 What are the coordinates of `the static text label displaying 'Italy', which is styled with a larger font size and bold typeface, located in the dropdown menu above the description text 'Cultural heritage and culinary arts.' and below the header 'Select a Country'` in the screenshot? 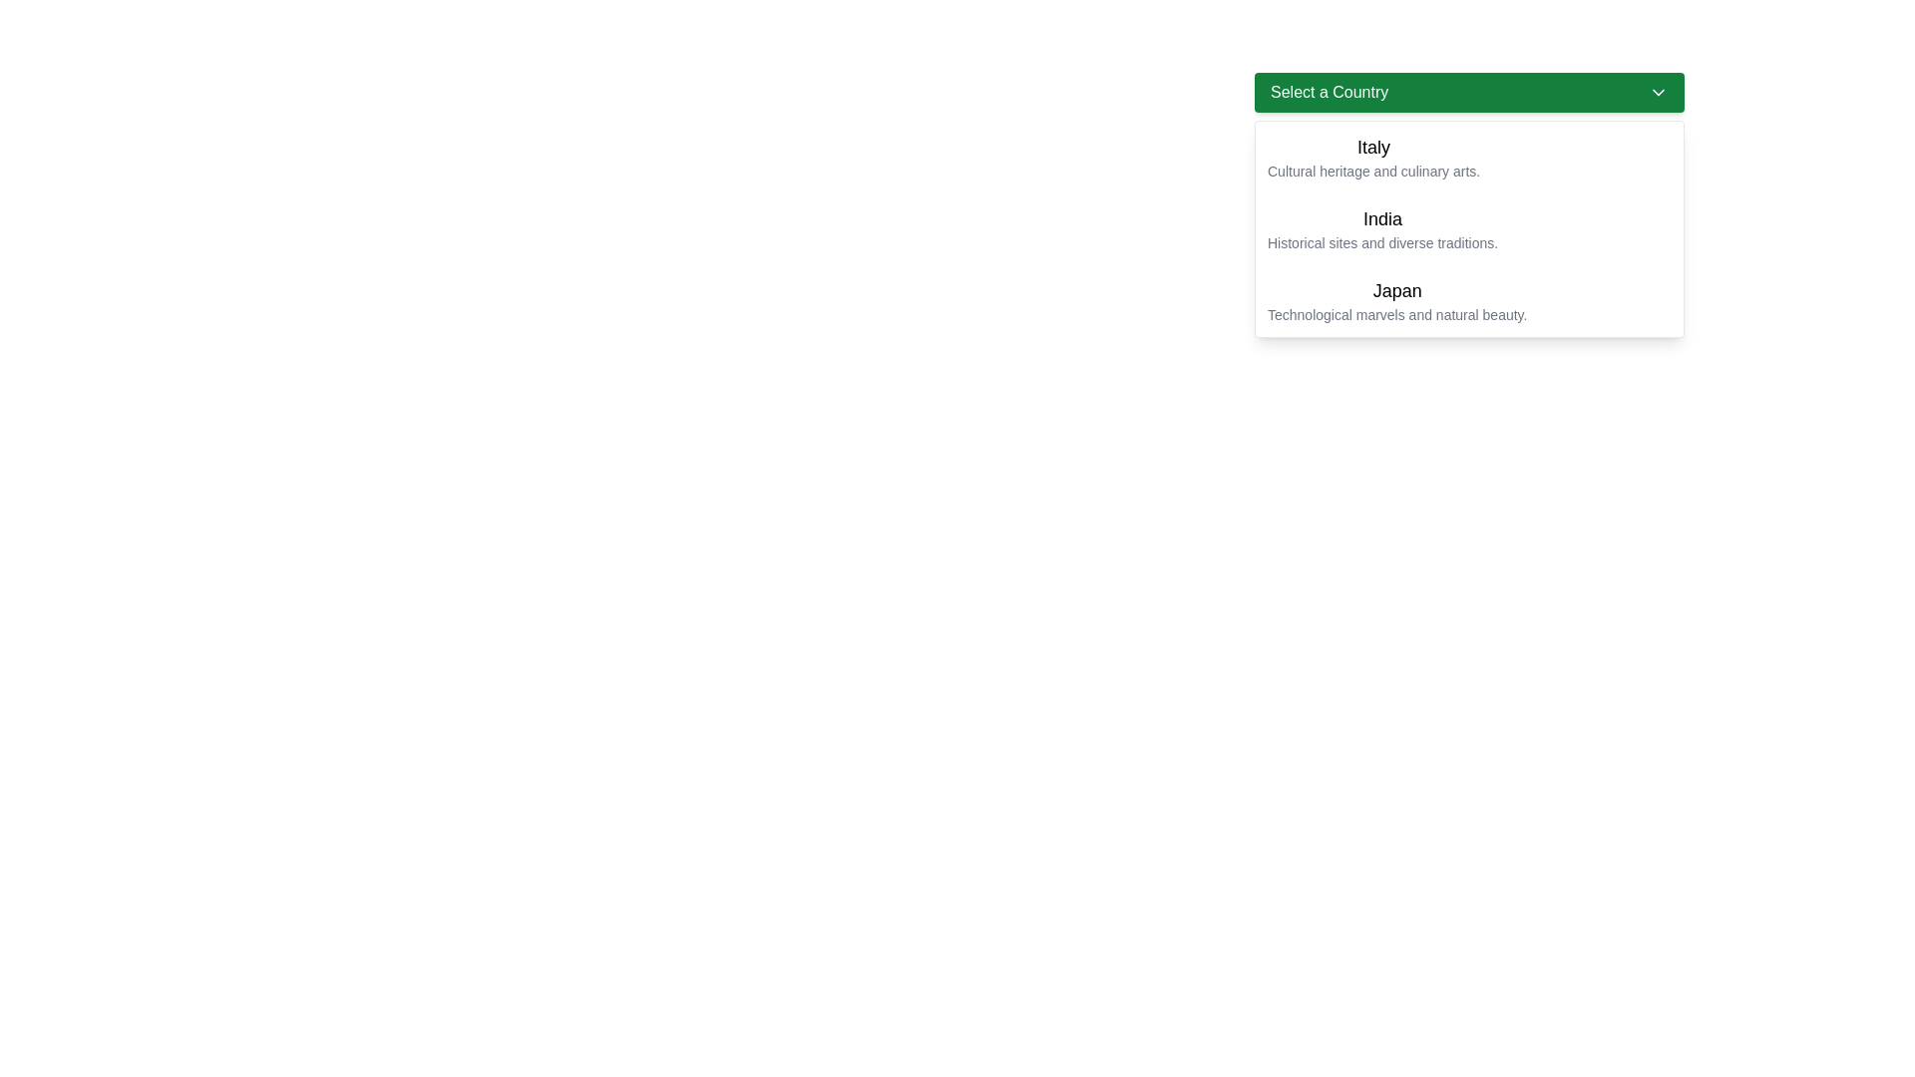 It's located at (1372, 146).